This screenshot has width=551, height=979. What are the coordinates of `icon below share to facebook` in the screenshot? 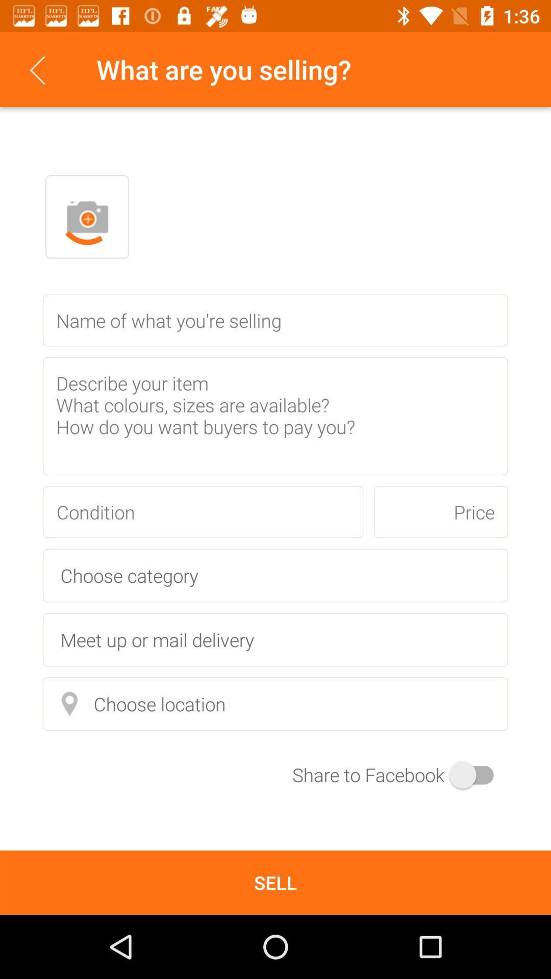 It's located at (275, 882).